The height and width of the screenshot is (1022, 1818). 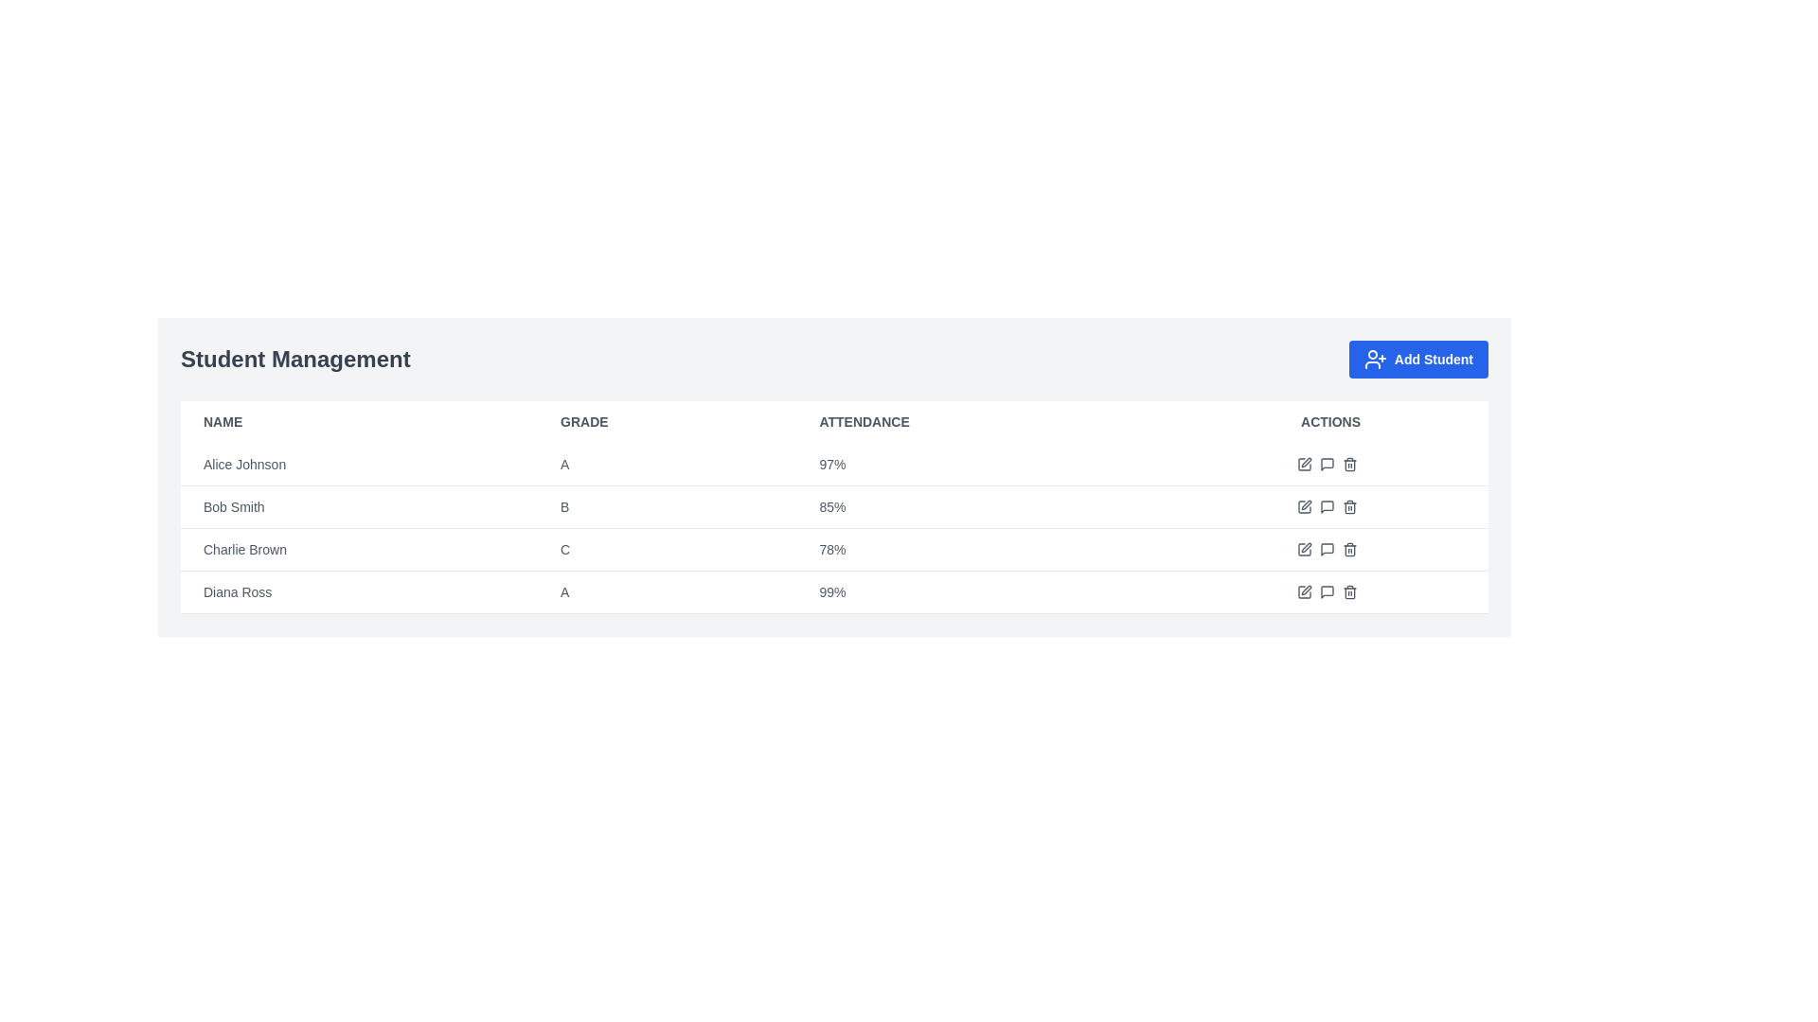 What do you see at coordinates (1329, 506) in the screenshot?
I see `the action button icon for marking or flagging content in the row corresponding to 'Bob Smith', which is the second icon from the left in the 'Actions' column` at bounding box center [1329, 506].